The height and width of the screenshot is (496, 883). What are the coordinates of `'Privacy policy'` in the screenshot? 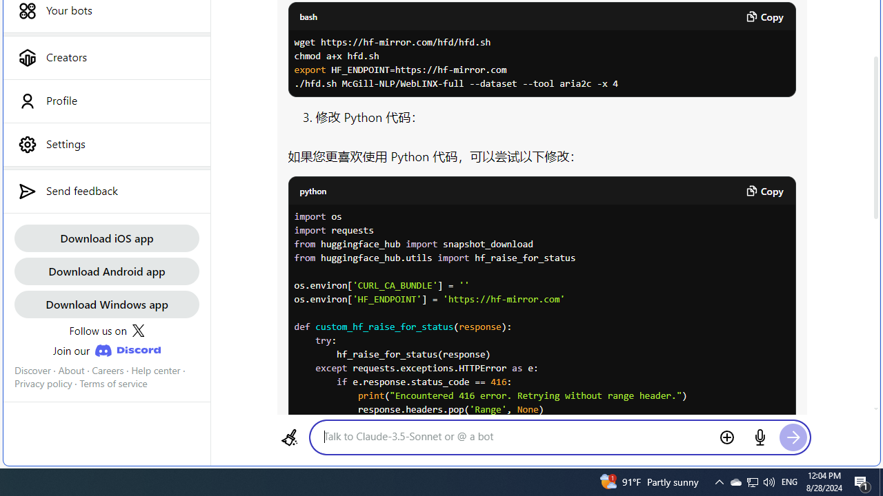 It's located at (43, 384).